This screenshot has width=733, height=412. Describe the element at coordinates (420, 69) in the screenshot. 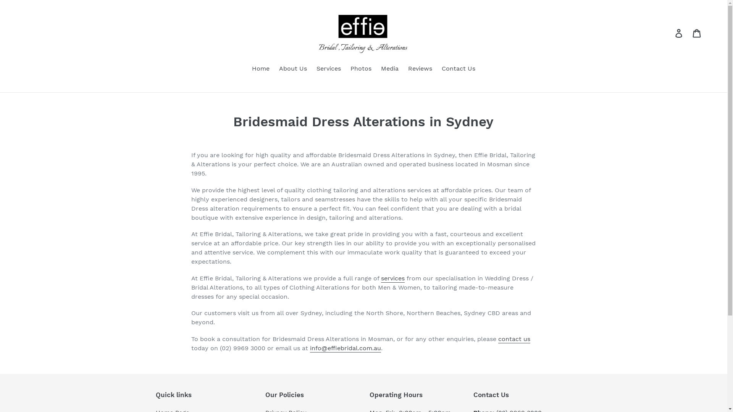

I see `'Reviews'` at that location.